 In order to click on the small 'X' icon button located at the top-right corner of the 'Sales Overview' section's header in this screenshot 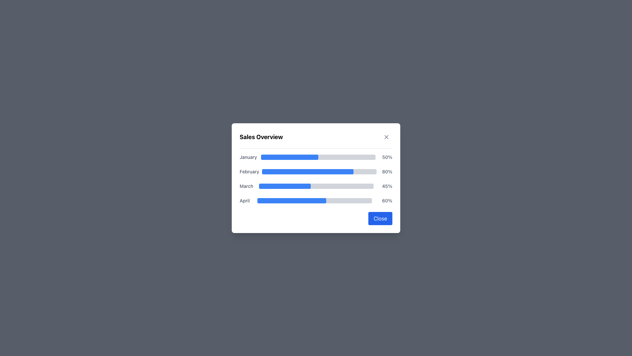, I will do `click(386, 136)`.